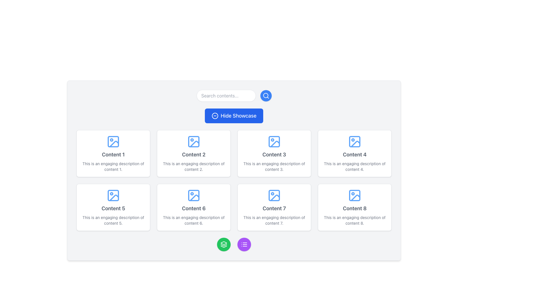 This screenshot has height=306, width=544. What do you see at coordinates (113, 155) in the screenshot?
I see `text from the Text Label located in the top-left corner of the grid layout, positioned below an image icon and above descriptive text` at bounding box center [113, 155].